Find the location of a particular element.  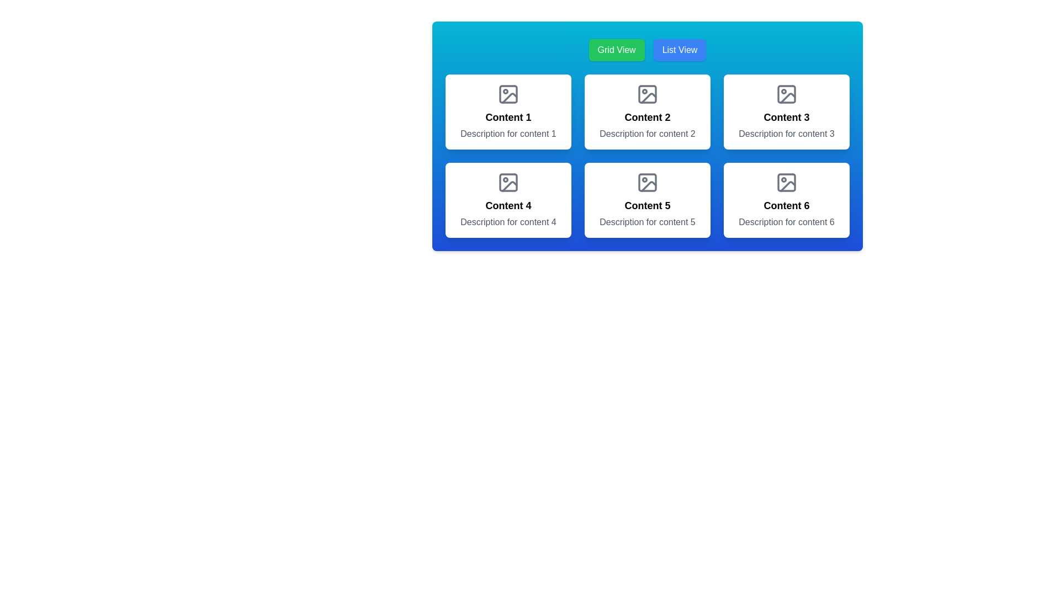

the card containing the title 'Content 1' and description 'Description for content 1', which is positioned in the first column of the top row in a grid of six cards is located at coordinates (508, 112).